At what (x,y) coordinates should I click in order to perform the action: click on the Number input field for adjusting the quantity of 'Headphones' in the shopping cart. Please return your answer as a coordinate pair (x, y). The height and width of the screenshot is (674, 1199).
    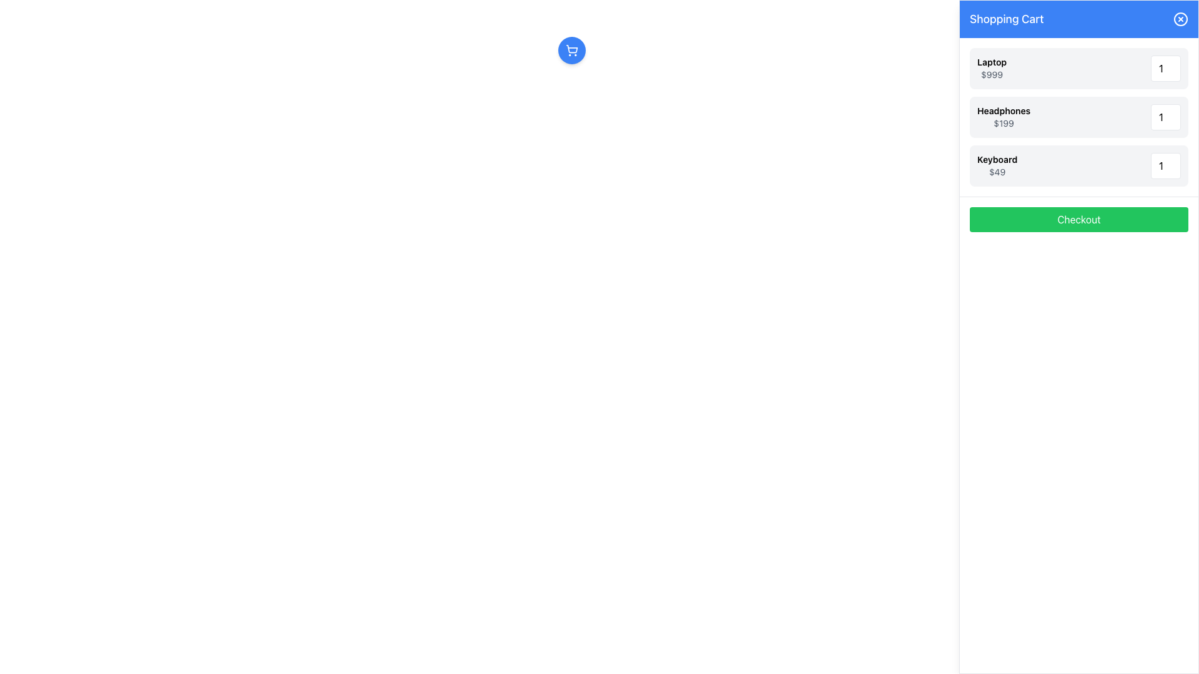
    Looking at the image, I should click on (1165, 117).